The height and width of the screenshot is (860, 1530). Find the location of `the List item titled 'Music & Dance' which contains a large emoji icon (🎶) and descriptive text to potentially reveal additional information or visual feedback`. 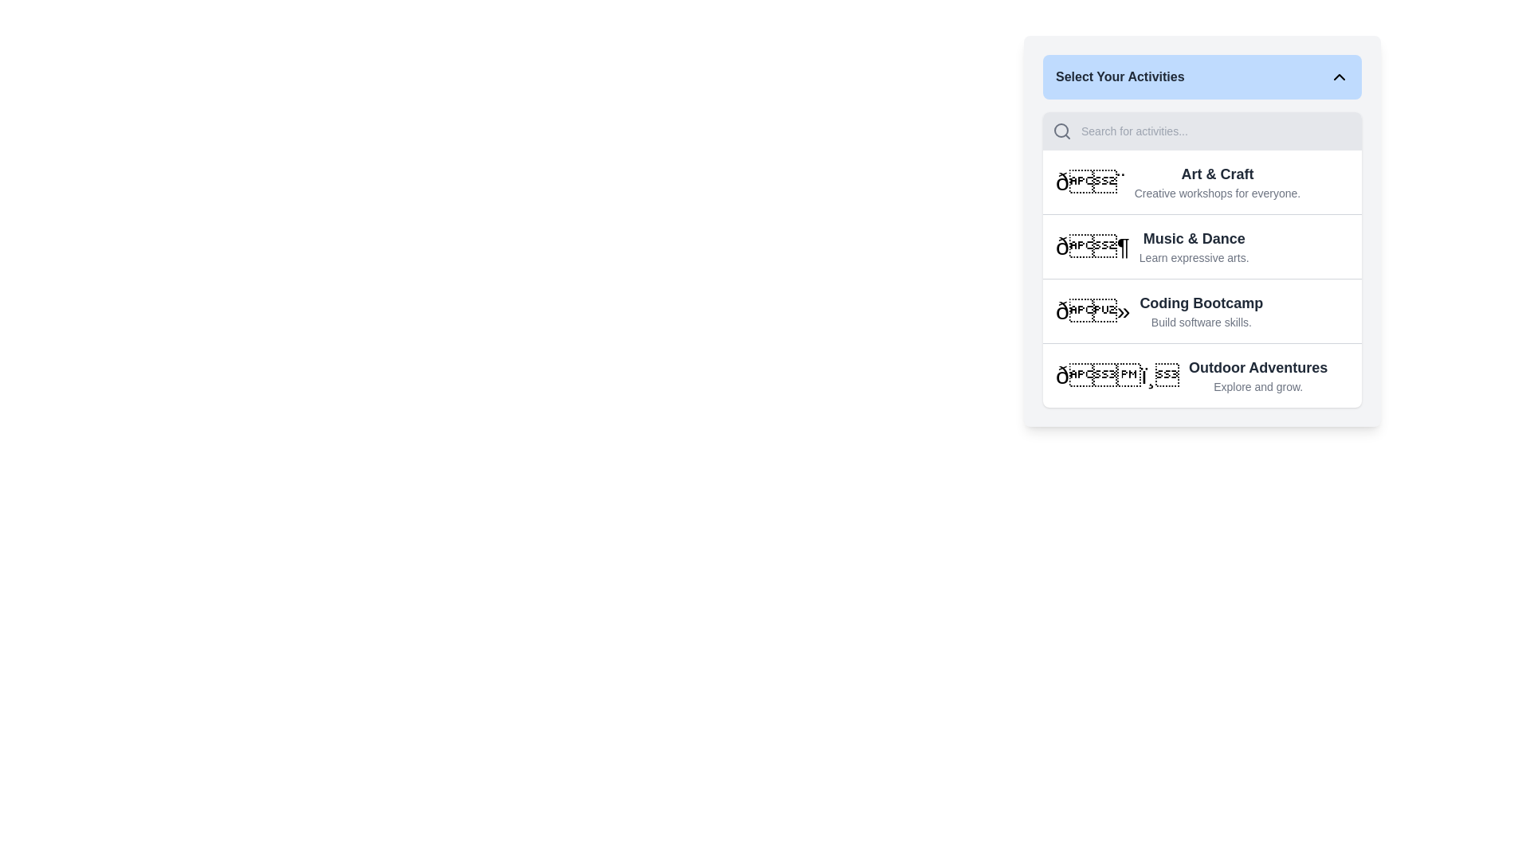

the List item titled 'Music & Dance' which contains a large emoji icon (🎶) and descriptive text to potentially reveal additional information or visual feedback is located at coordinates (1202, 246).